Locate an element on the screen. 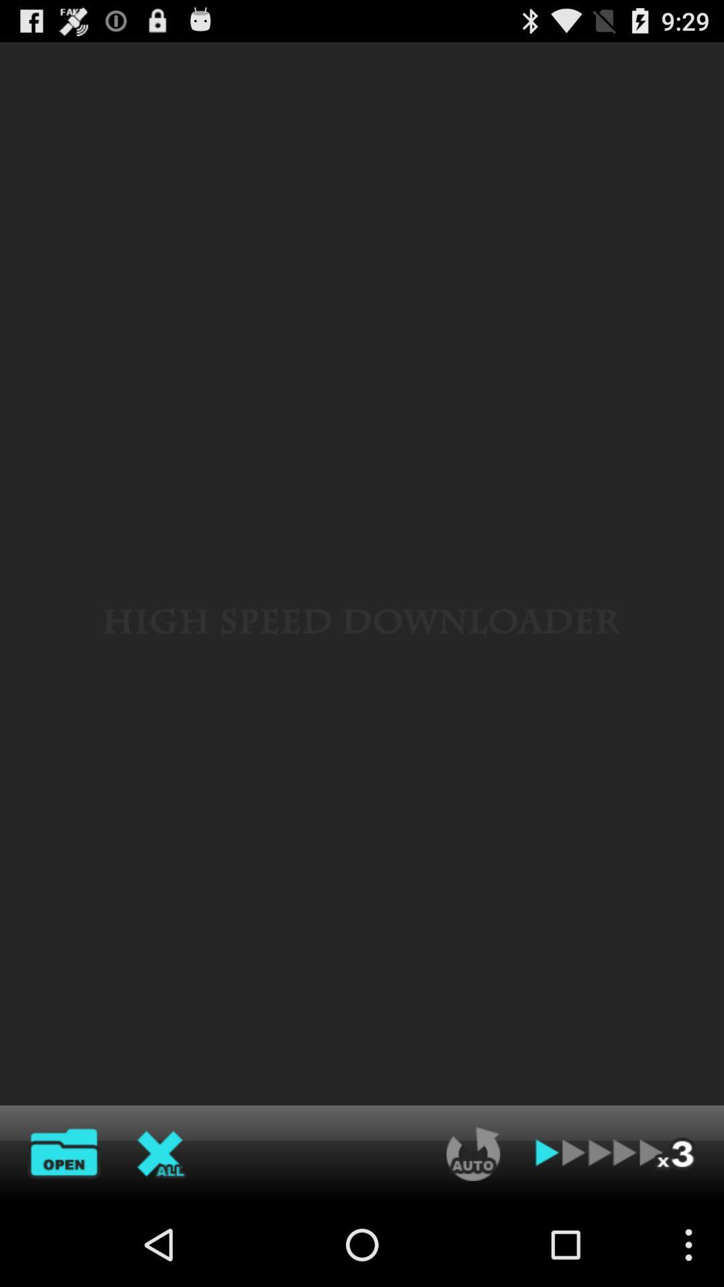 The width and height of the screenshot is (724, 1287). all the content is located at coordinates (161, 1153).